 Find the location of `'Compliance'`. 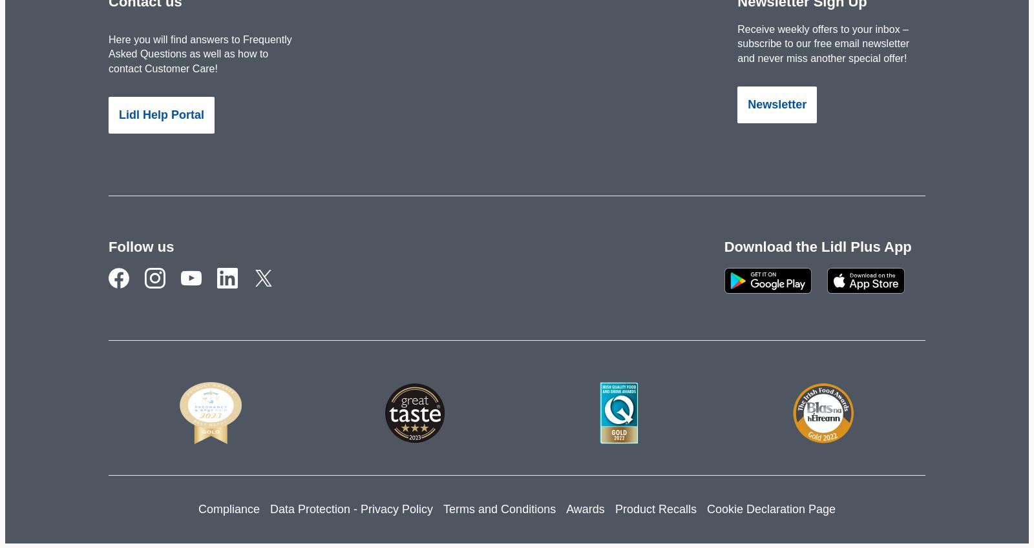

'Compliance' is located at coordinates (228, 508).